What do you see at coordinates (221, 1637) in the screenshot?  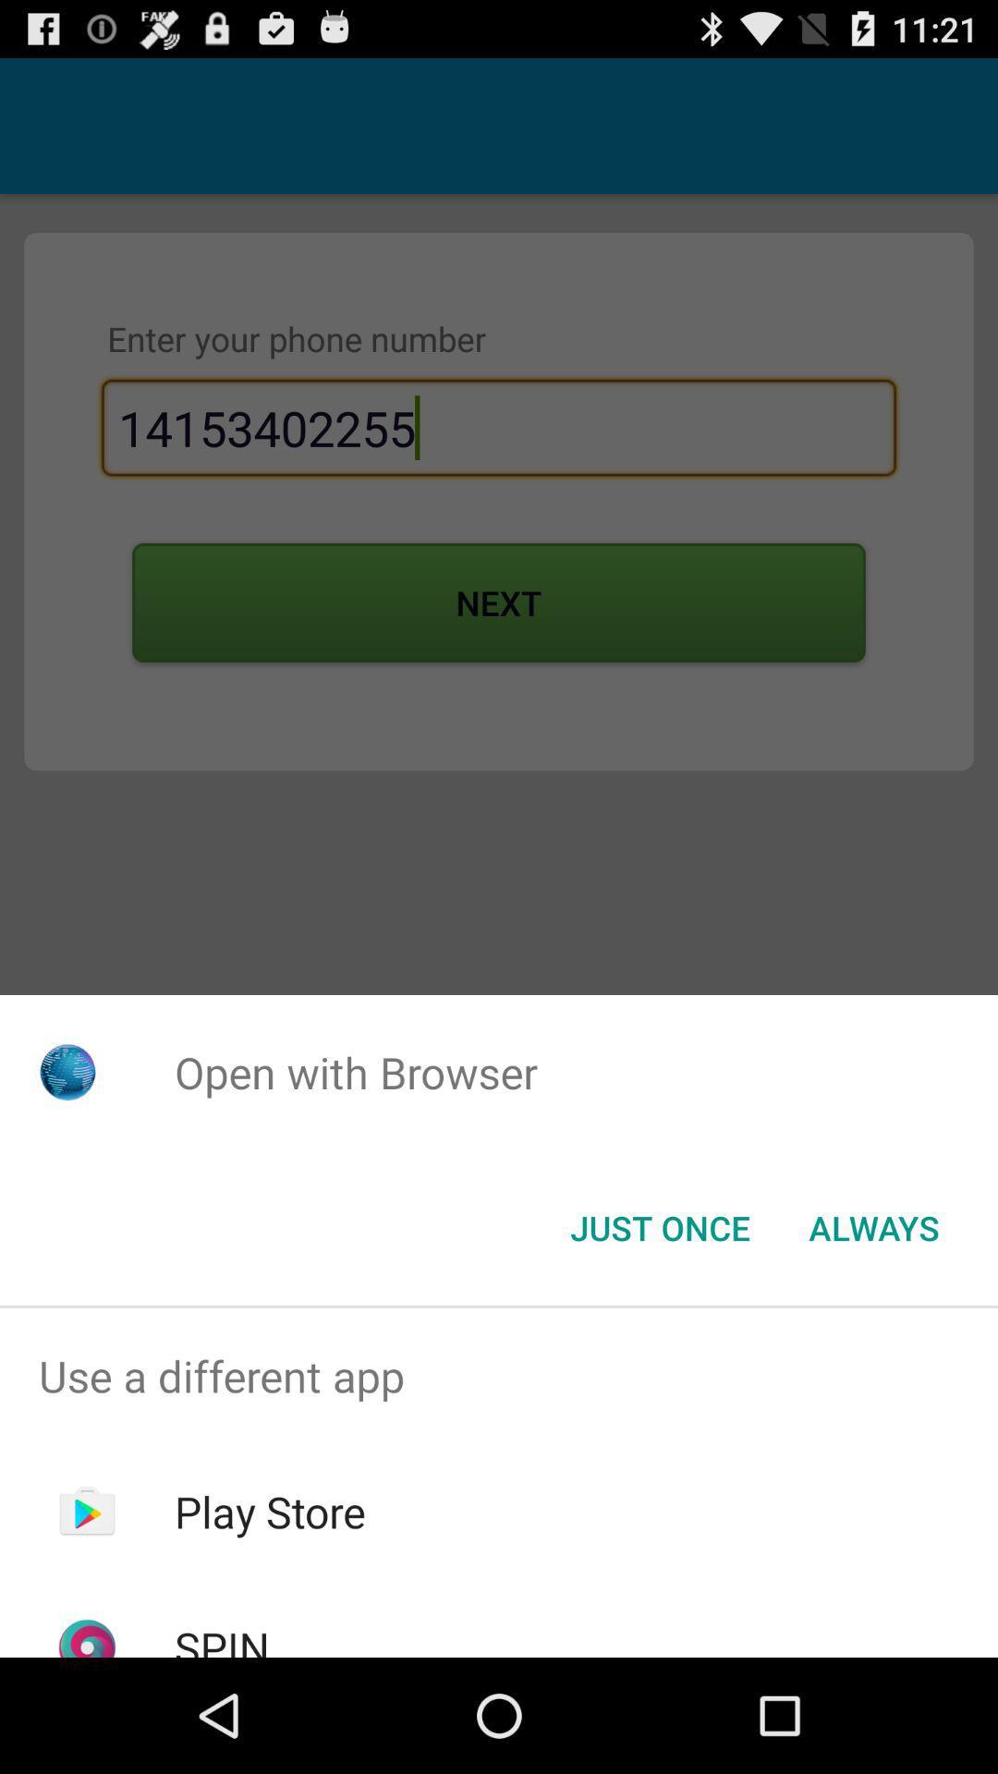 I see `the spin icon` at bounding box center [221, 1637].